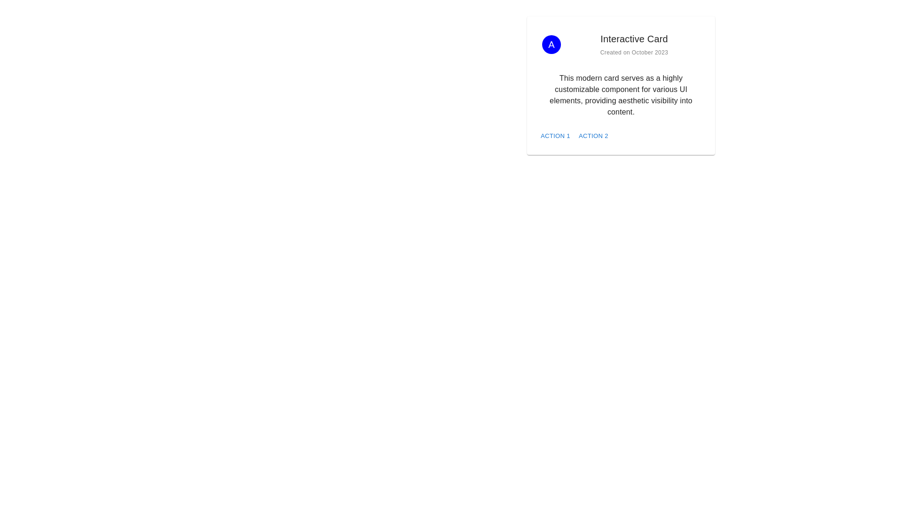  What do you see at coordinates (555, 136) in the screenshot?
I see `the interactive button labeled 'Action 1' located at the bottom left of the content card` at bounding box center [555, 136].